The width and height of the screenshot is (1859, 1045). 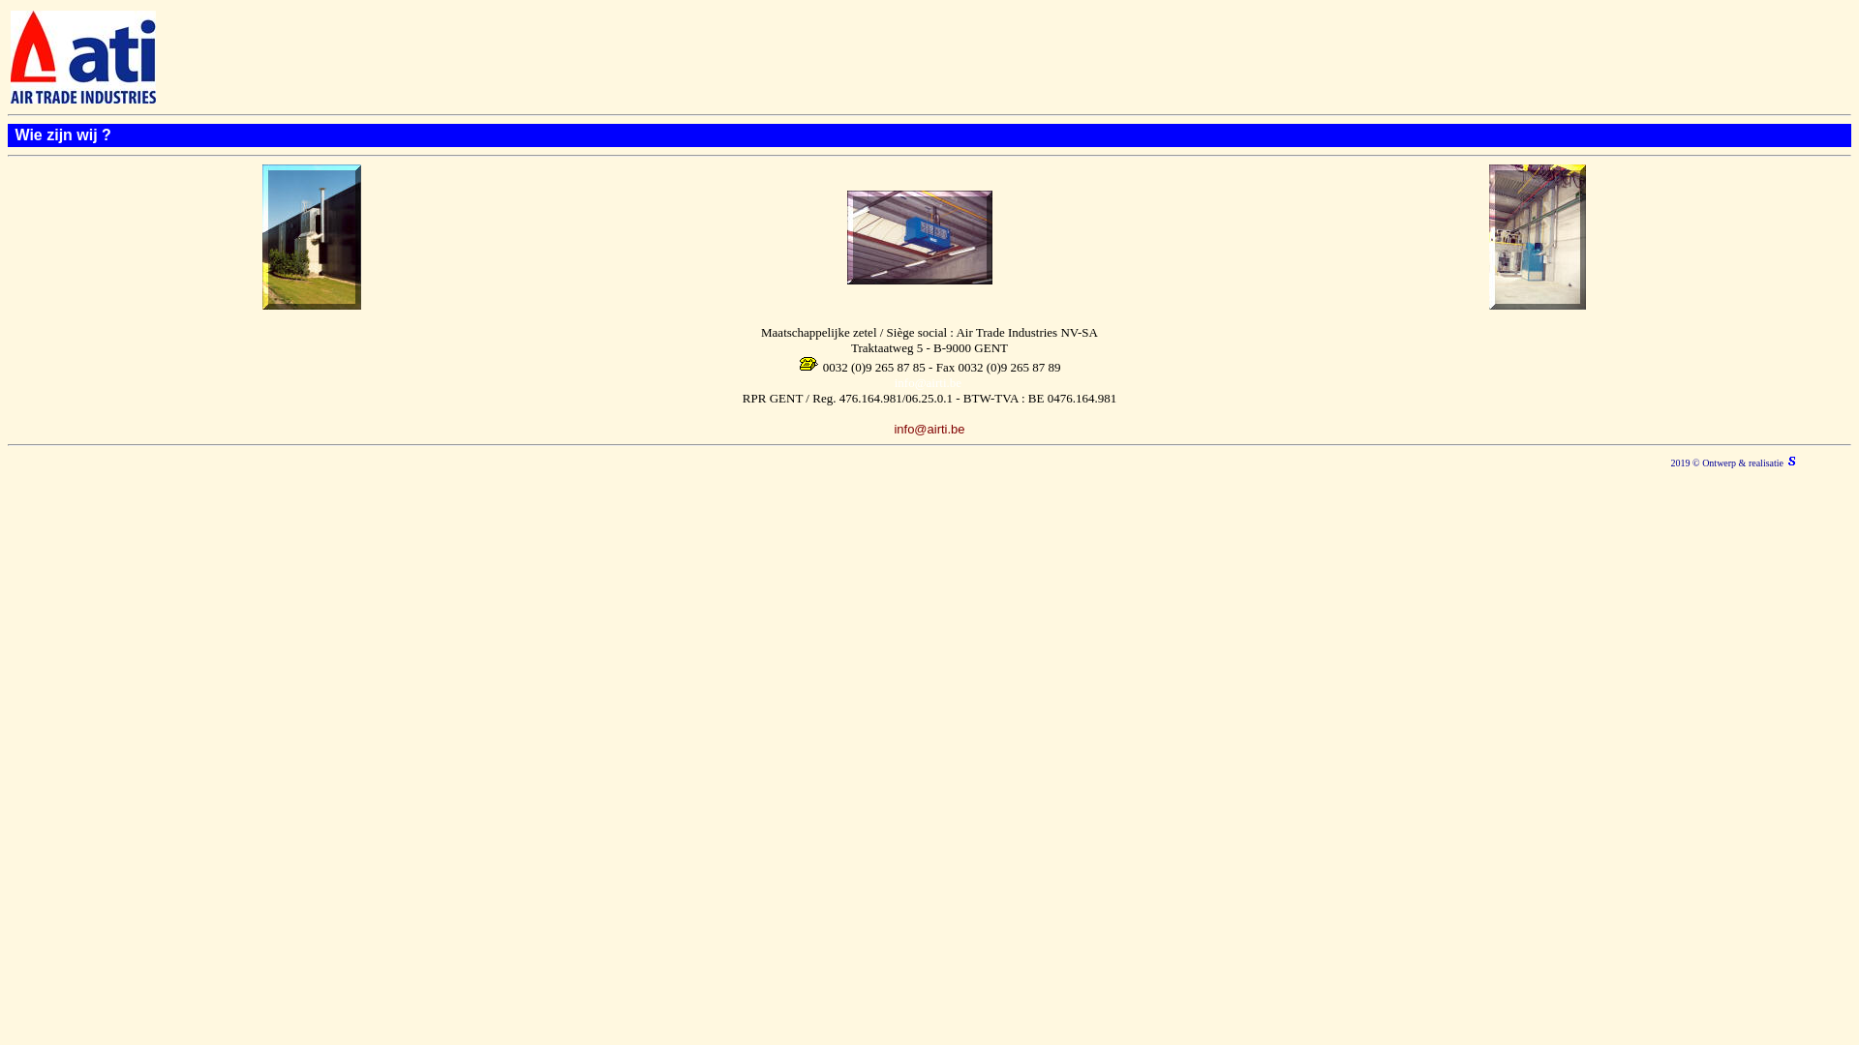 I want to click on 'info@airti.be', so click(x=894, y=382).